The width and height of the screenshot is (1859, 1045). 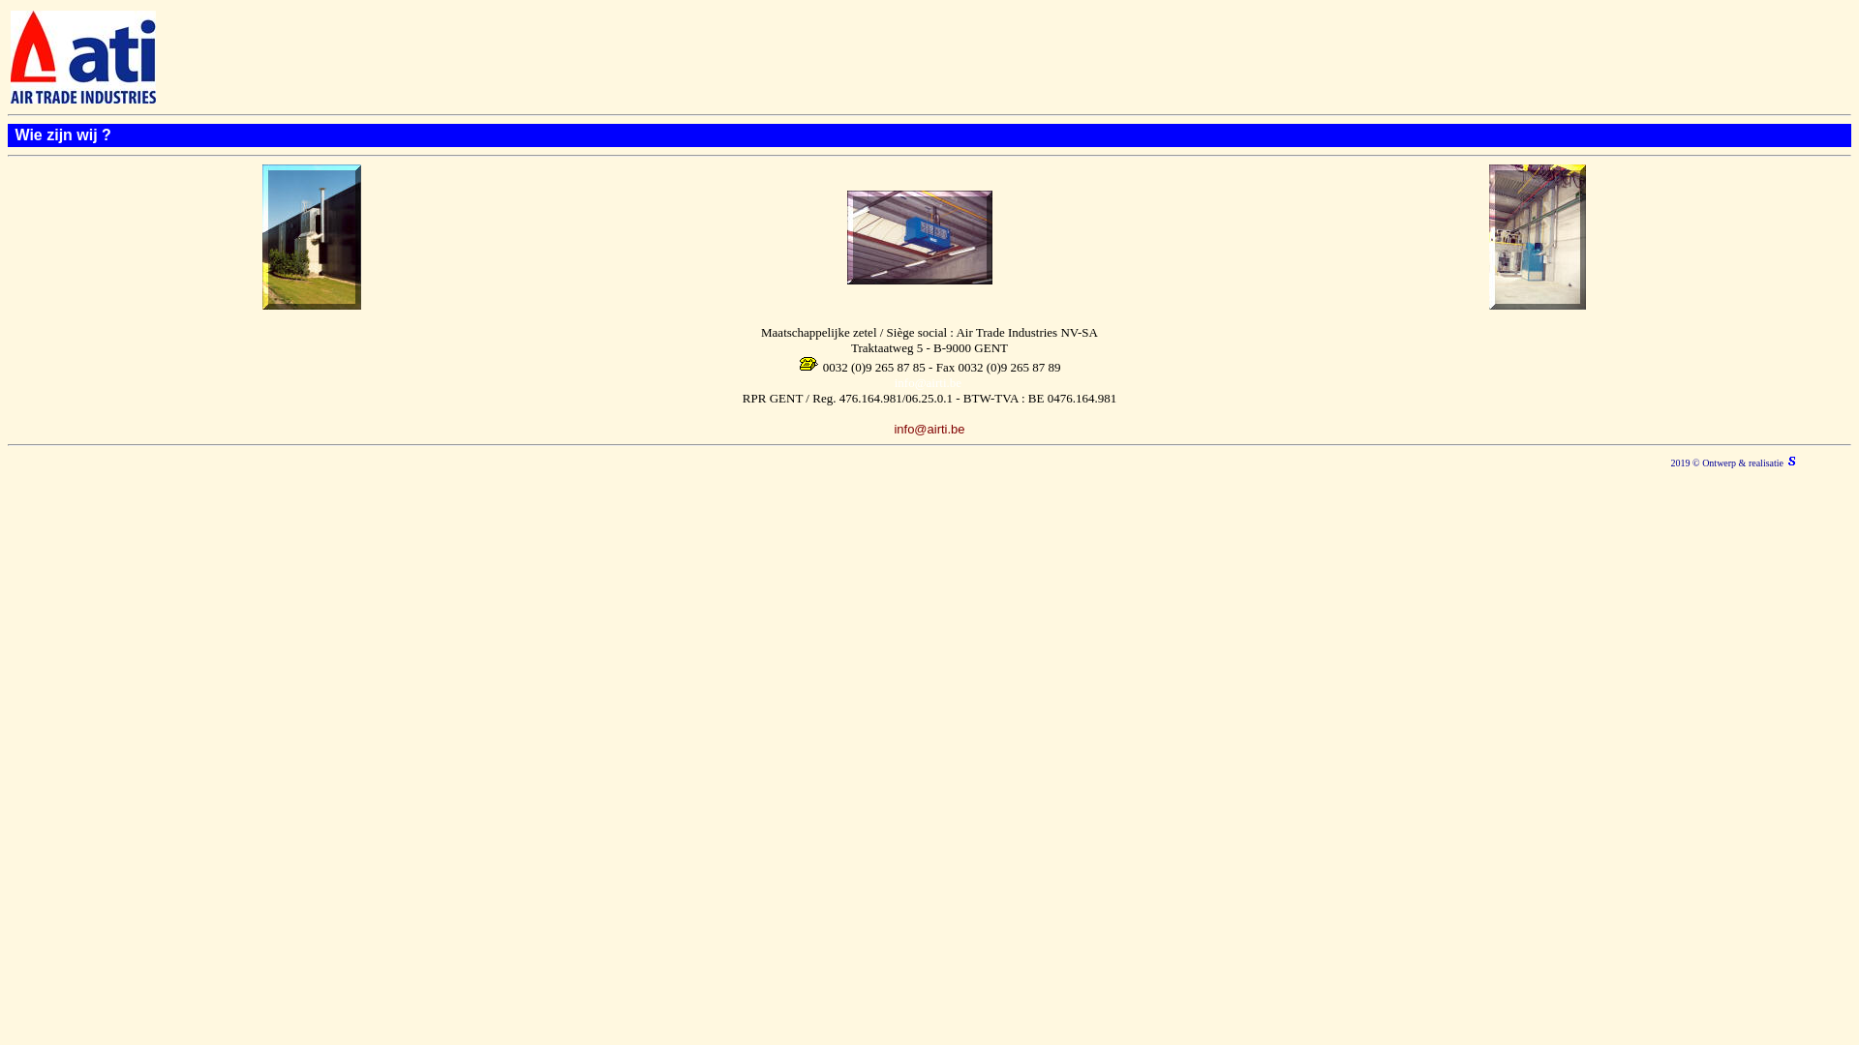 I want to click on 'info@airti.be', so click(x=894, y=382).